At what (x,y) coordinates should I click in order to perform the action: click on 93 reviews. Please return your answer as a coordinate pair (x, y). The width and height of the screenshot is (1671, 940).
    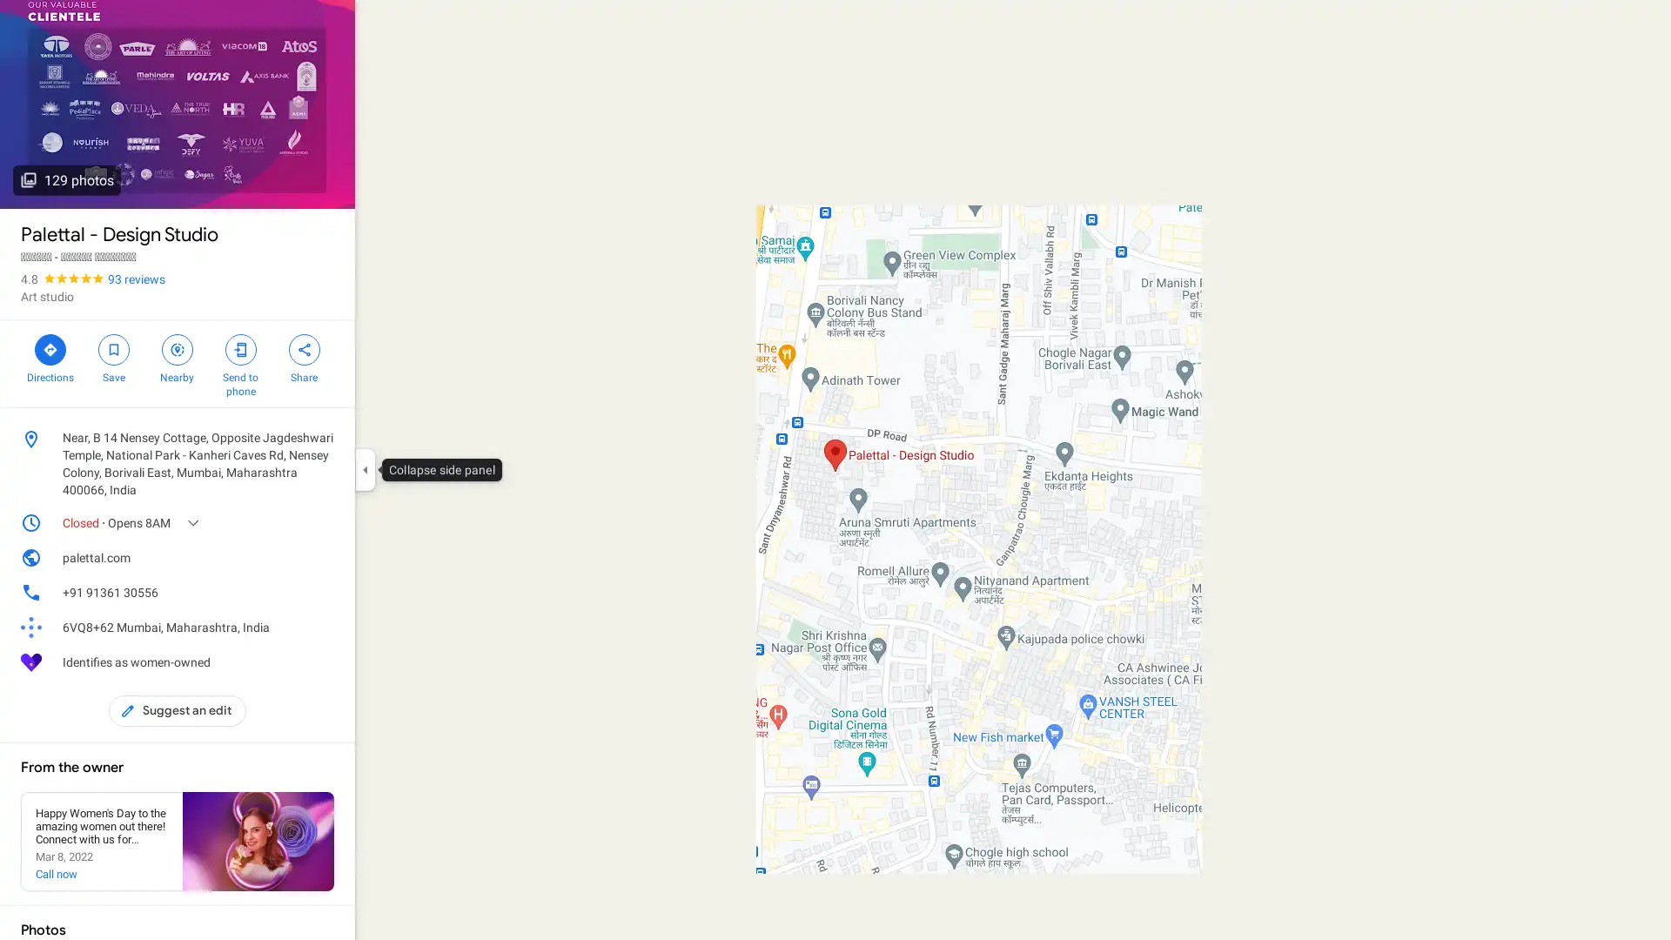
    Looking at the image, I should click on (136, 278).